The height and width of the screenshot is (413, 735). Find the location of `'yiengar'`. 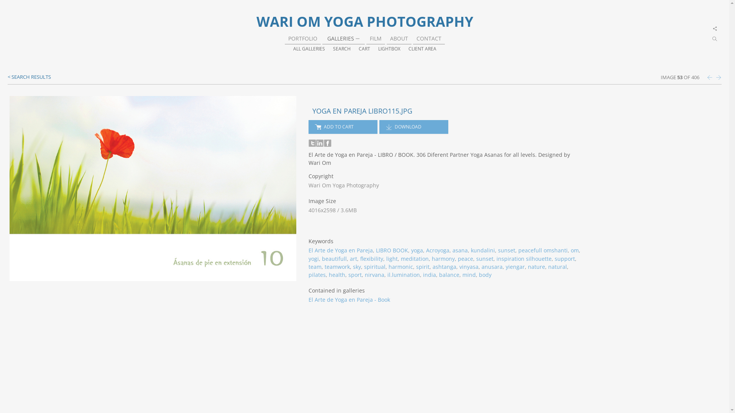

'yiengar' is located at coordinates (515, 266).